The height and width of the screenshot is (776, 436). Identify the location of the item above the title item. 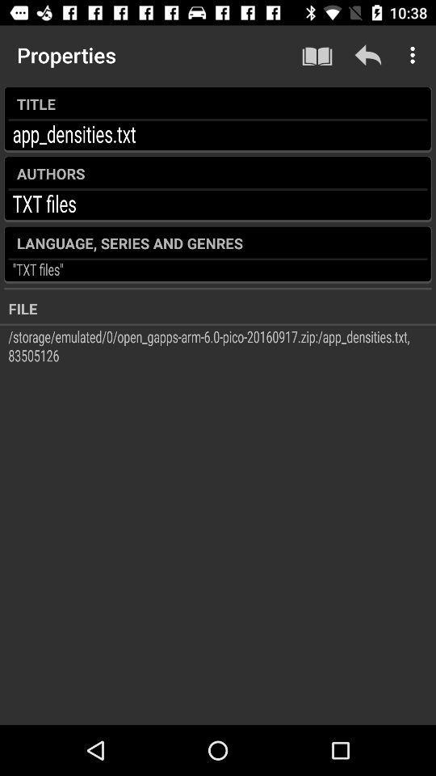
(317, 55).